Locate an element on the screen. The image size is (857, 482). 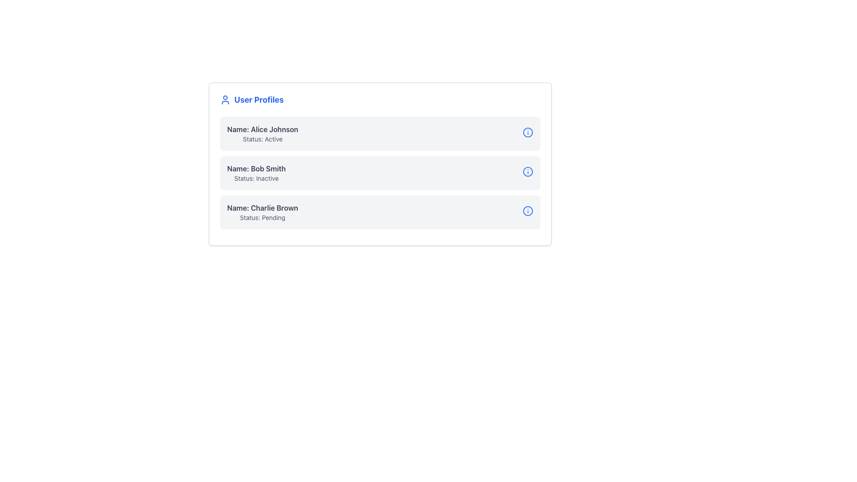
the Text Display element that shows user information, specifically the user's name and current status, located in the third slot of a vertical list of user profile cards, positioned between 'Name: Bob Smith' and 'Status: Pending' is located at coordinates (262, 212).